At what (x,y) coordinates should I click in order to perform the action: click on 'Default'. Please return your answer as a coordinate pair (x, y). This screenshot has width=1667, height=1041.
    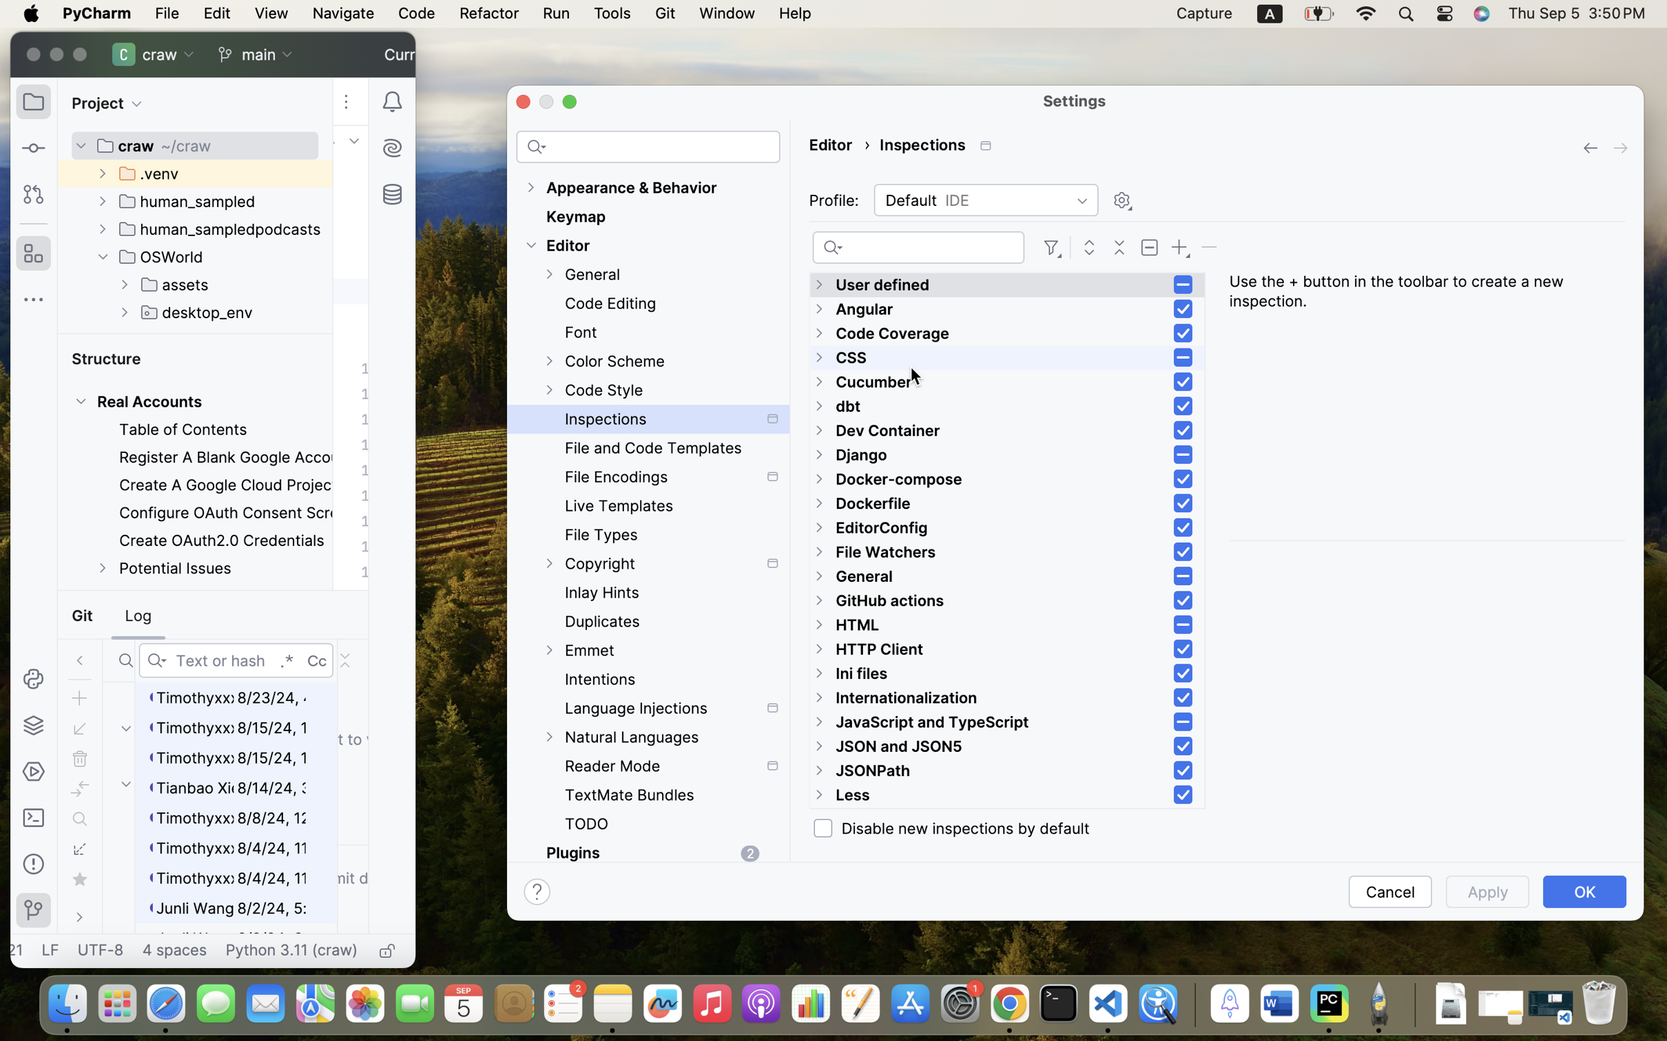
    Looking at the image, I should click on (986, 200).